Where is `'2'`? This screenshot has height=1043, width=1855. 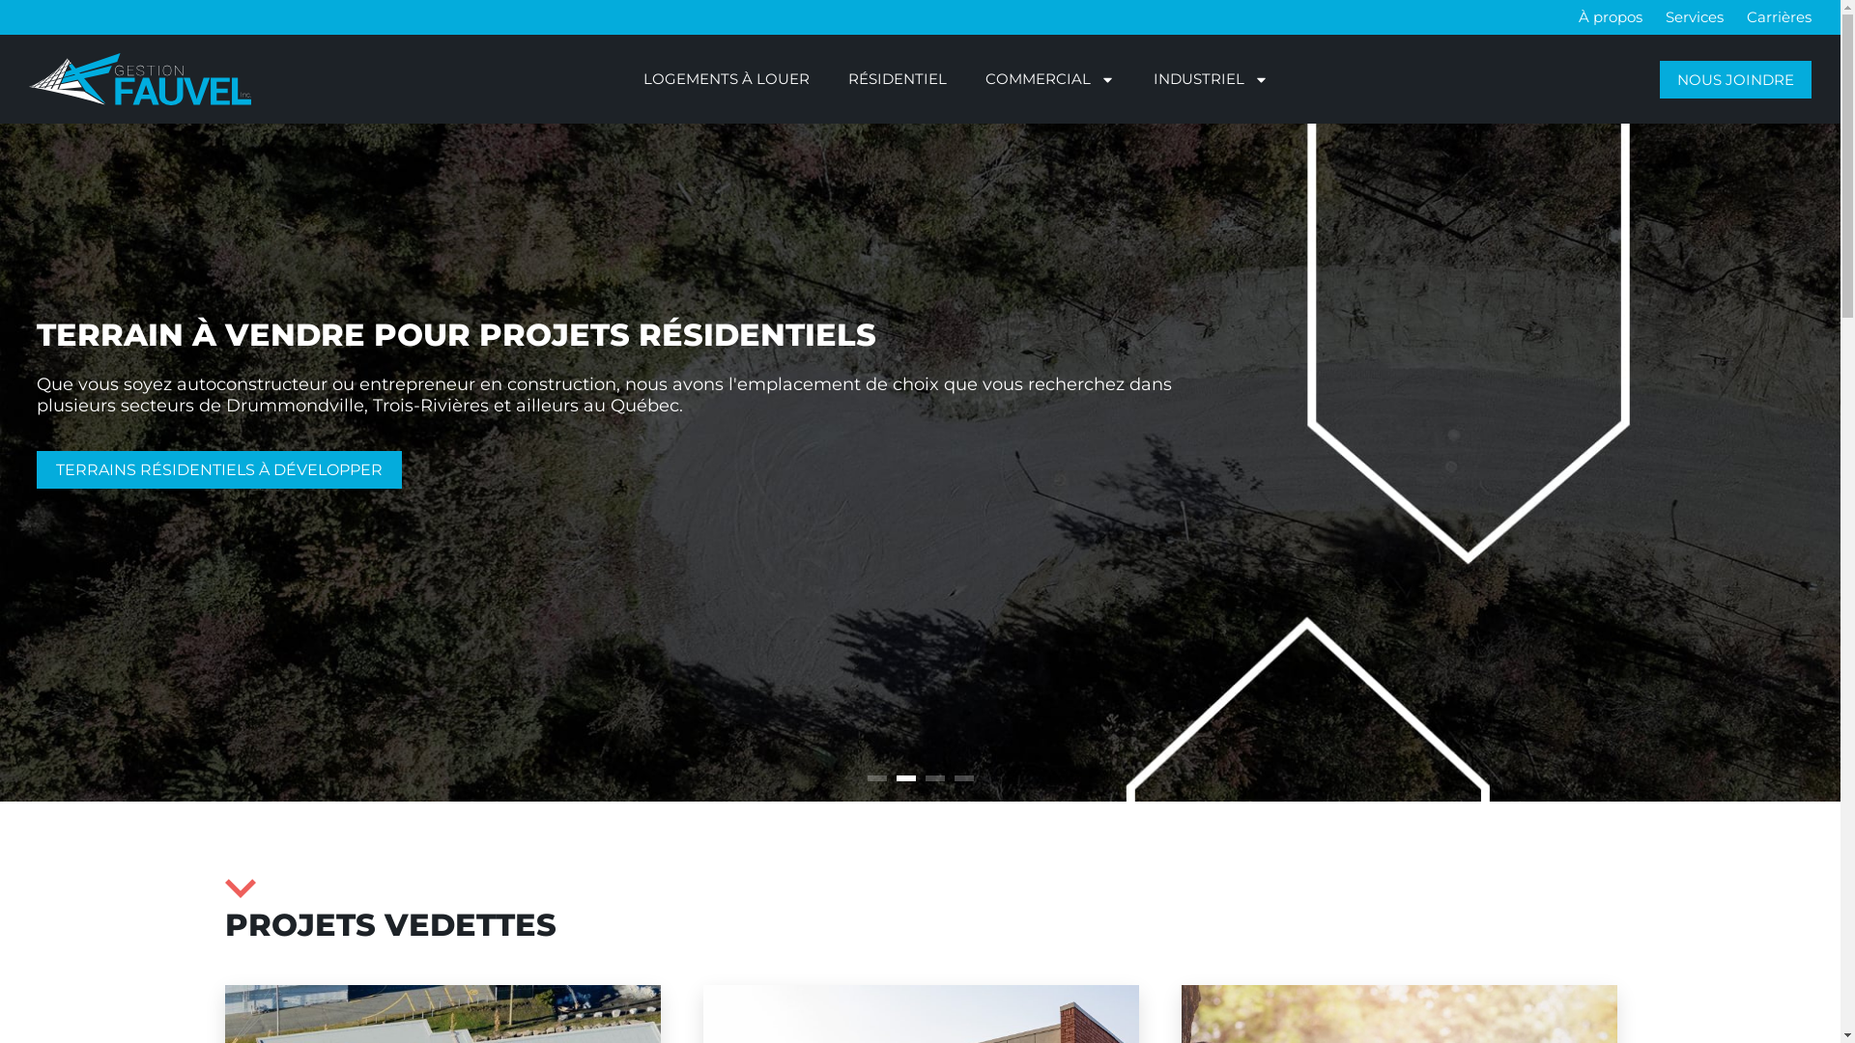
'2' is located at coordinates (904, 777).